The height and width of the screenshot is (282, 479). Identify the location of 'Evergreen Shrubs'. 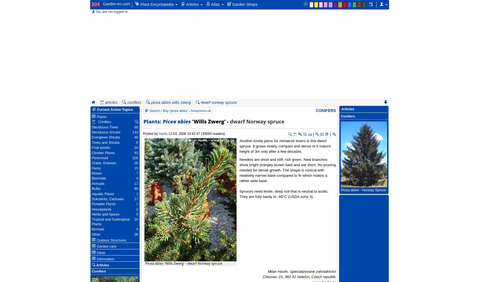
(106, 137).